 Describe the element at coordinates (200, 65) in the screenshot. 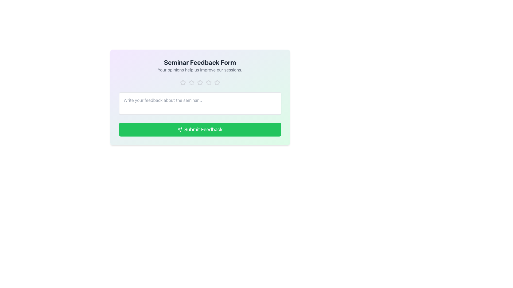

I see `the static text header that displays 'Seminar Feedback Form' in bold and larger font, along with the subheading 'Your opinions help us improve our sessions.'` at that location.